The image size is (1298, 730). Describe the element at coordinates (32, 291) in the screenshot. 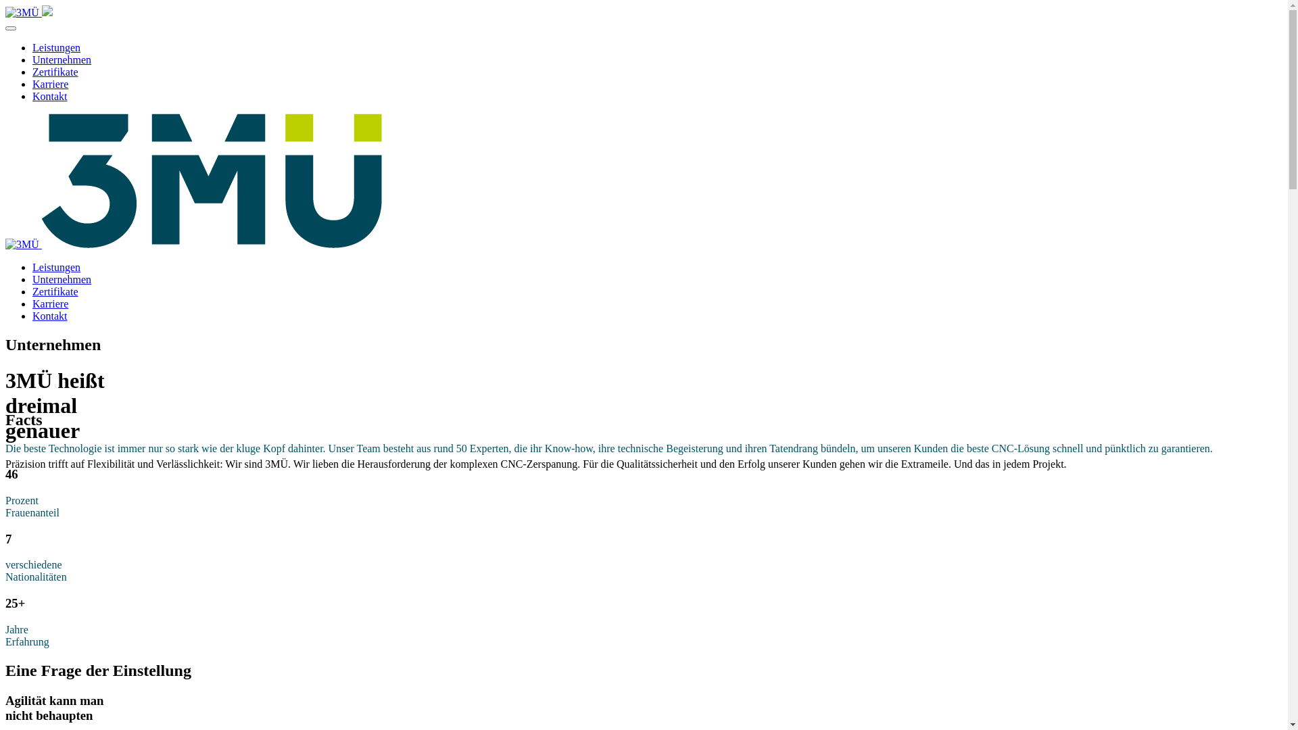

I see `'Zertifikate'` at that location.